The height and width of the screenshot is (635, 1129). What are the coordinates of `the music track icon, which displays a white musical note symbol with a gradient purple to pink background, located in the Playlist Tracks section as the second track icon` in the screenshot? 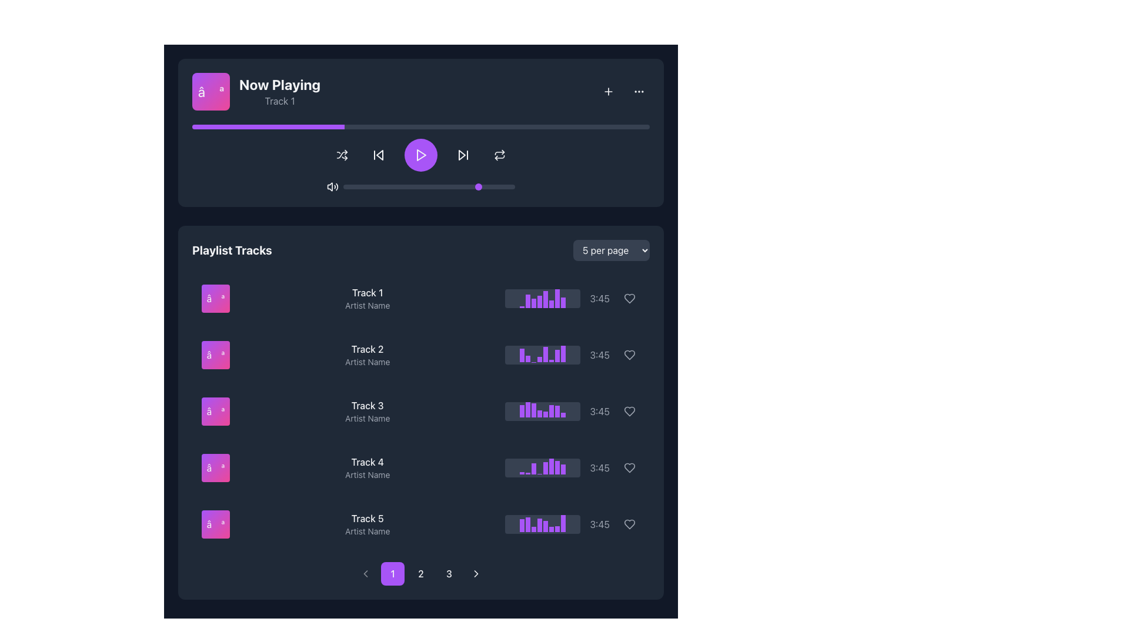 It's located at (215, 355).